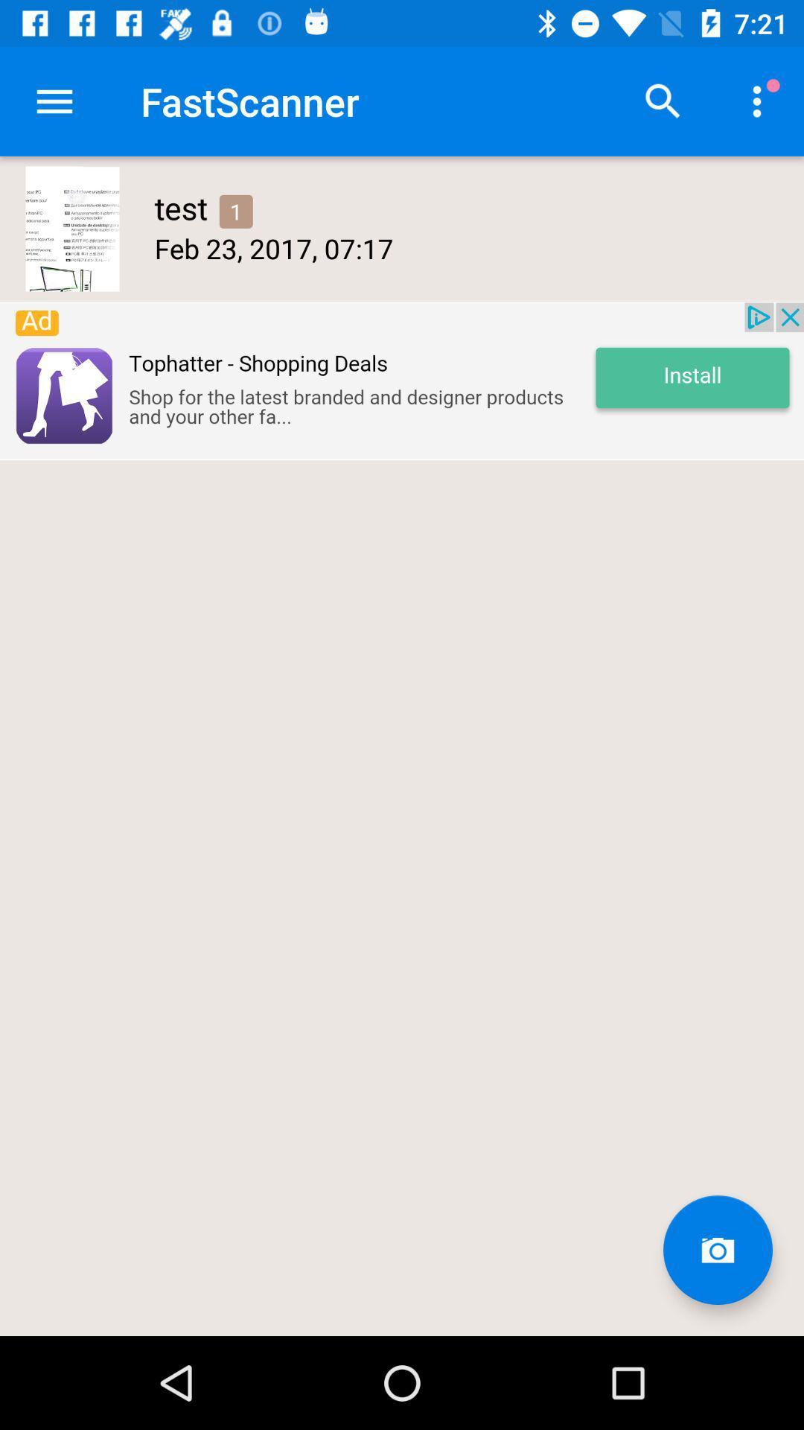 The image size is (804, 1430). Describe the element at coordinates (717, 1250) in the screenshot. I see `the photo icon` at that location.